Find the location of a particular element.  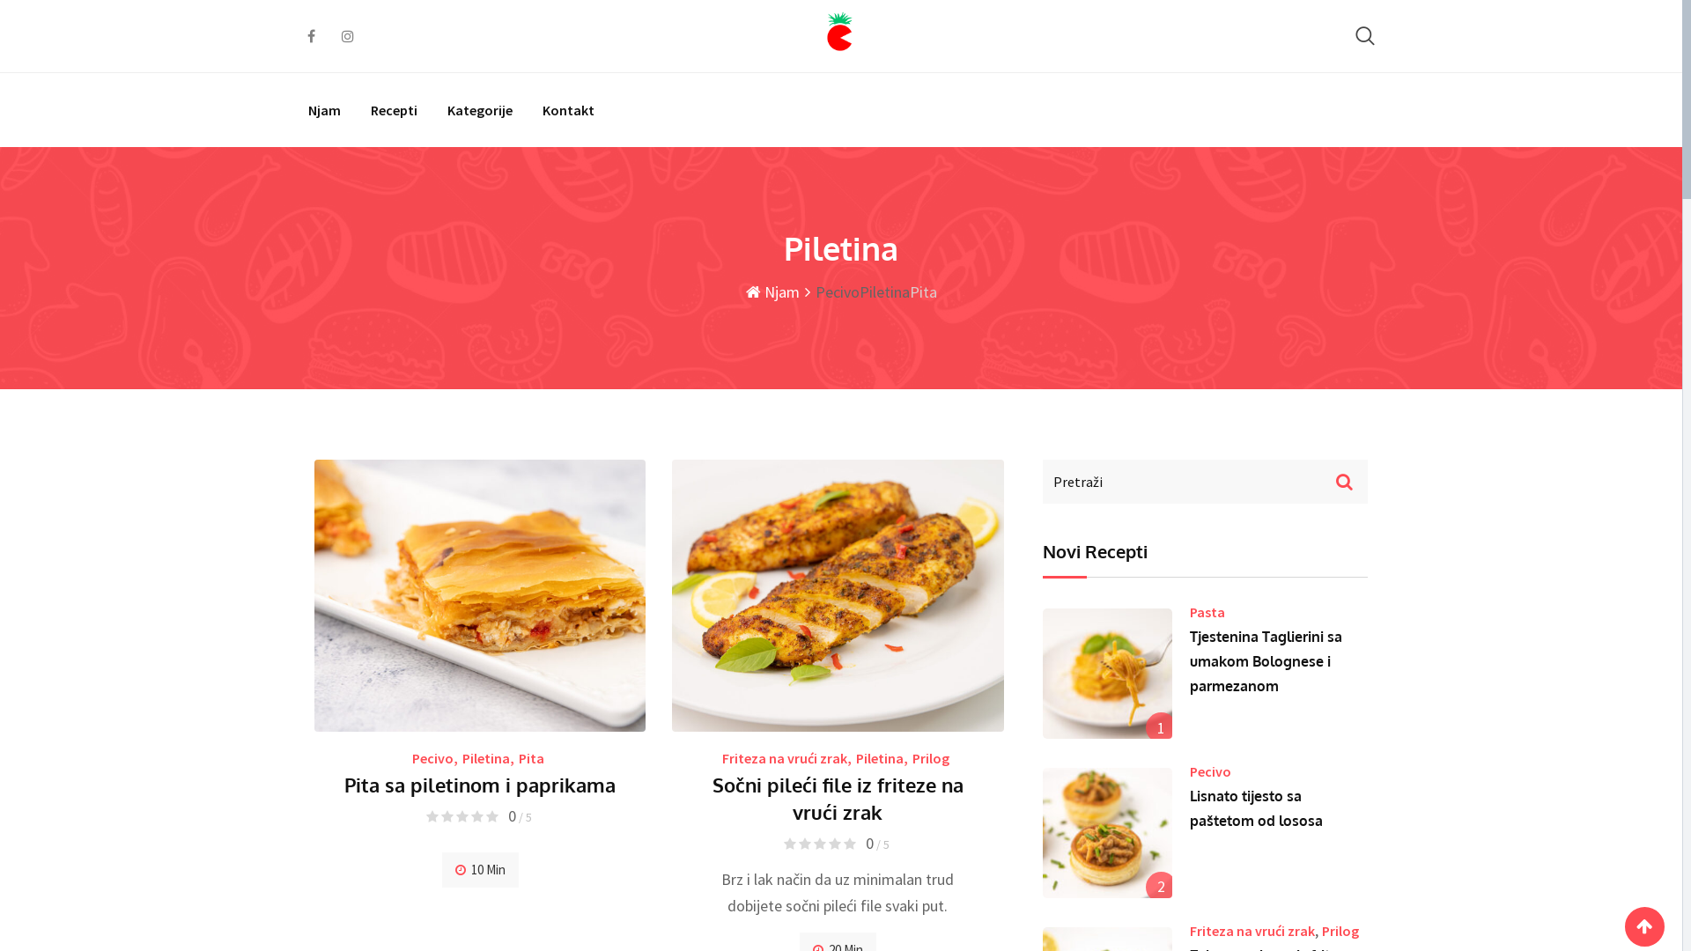

'Tjestenina Taglierini sa umakom Bolognese i parmezanom' is located at coordinates (1106, 673).